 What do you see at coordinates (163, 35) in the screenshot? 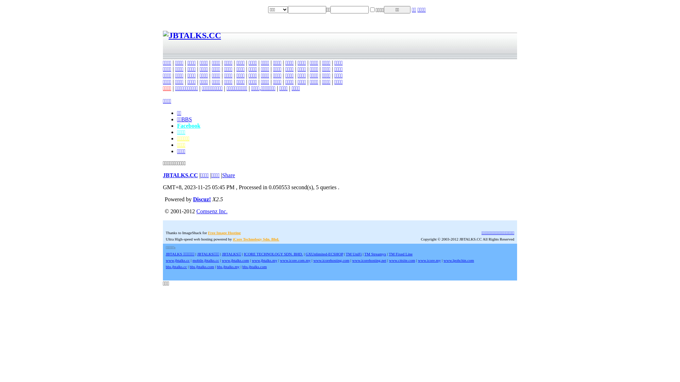
I see `'JBTALKS.CC'` at bounding box center [163, 35].